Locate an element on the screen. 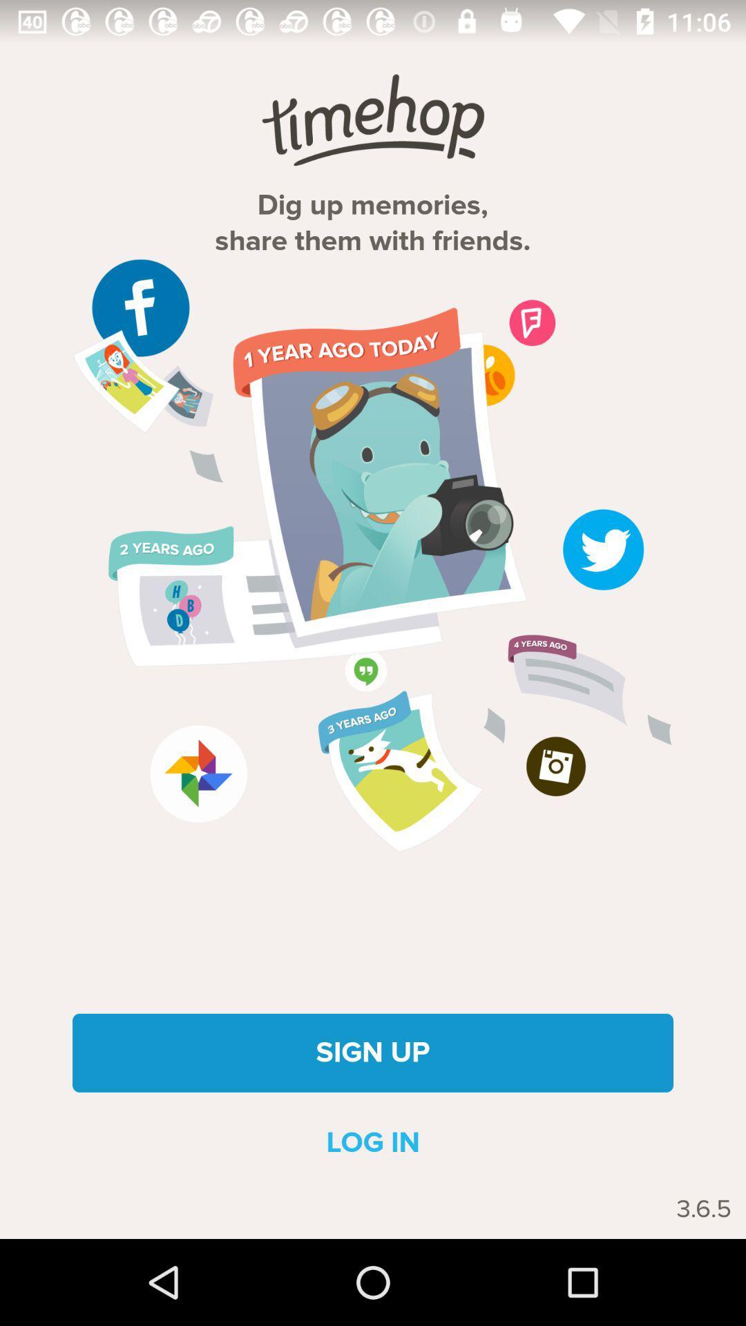 Image resolution: width=746 pixels, height=1326 pixels. the item above log in item is located at coordinates (373, 1052).